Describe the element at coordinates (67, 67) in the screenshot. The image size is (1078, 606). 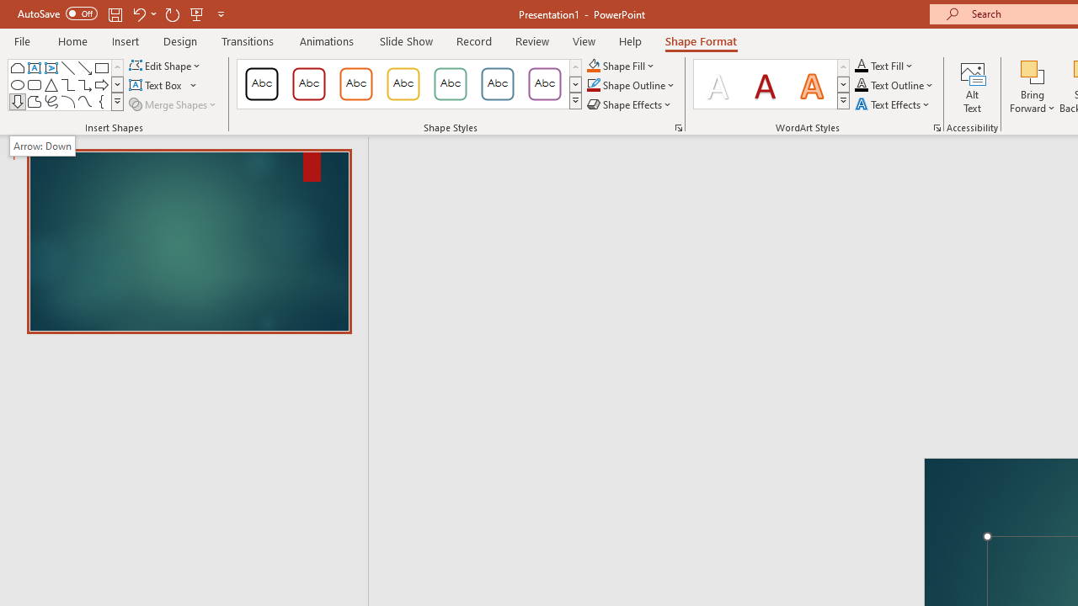
I see `'Line'` at that location.